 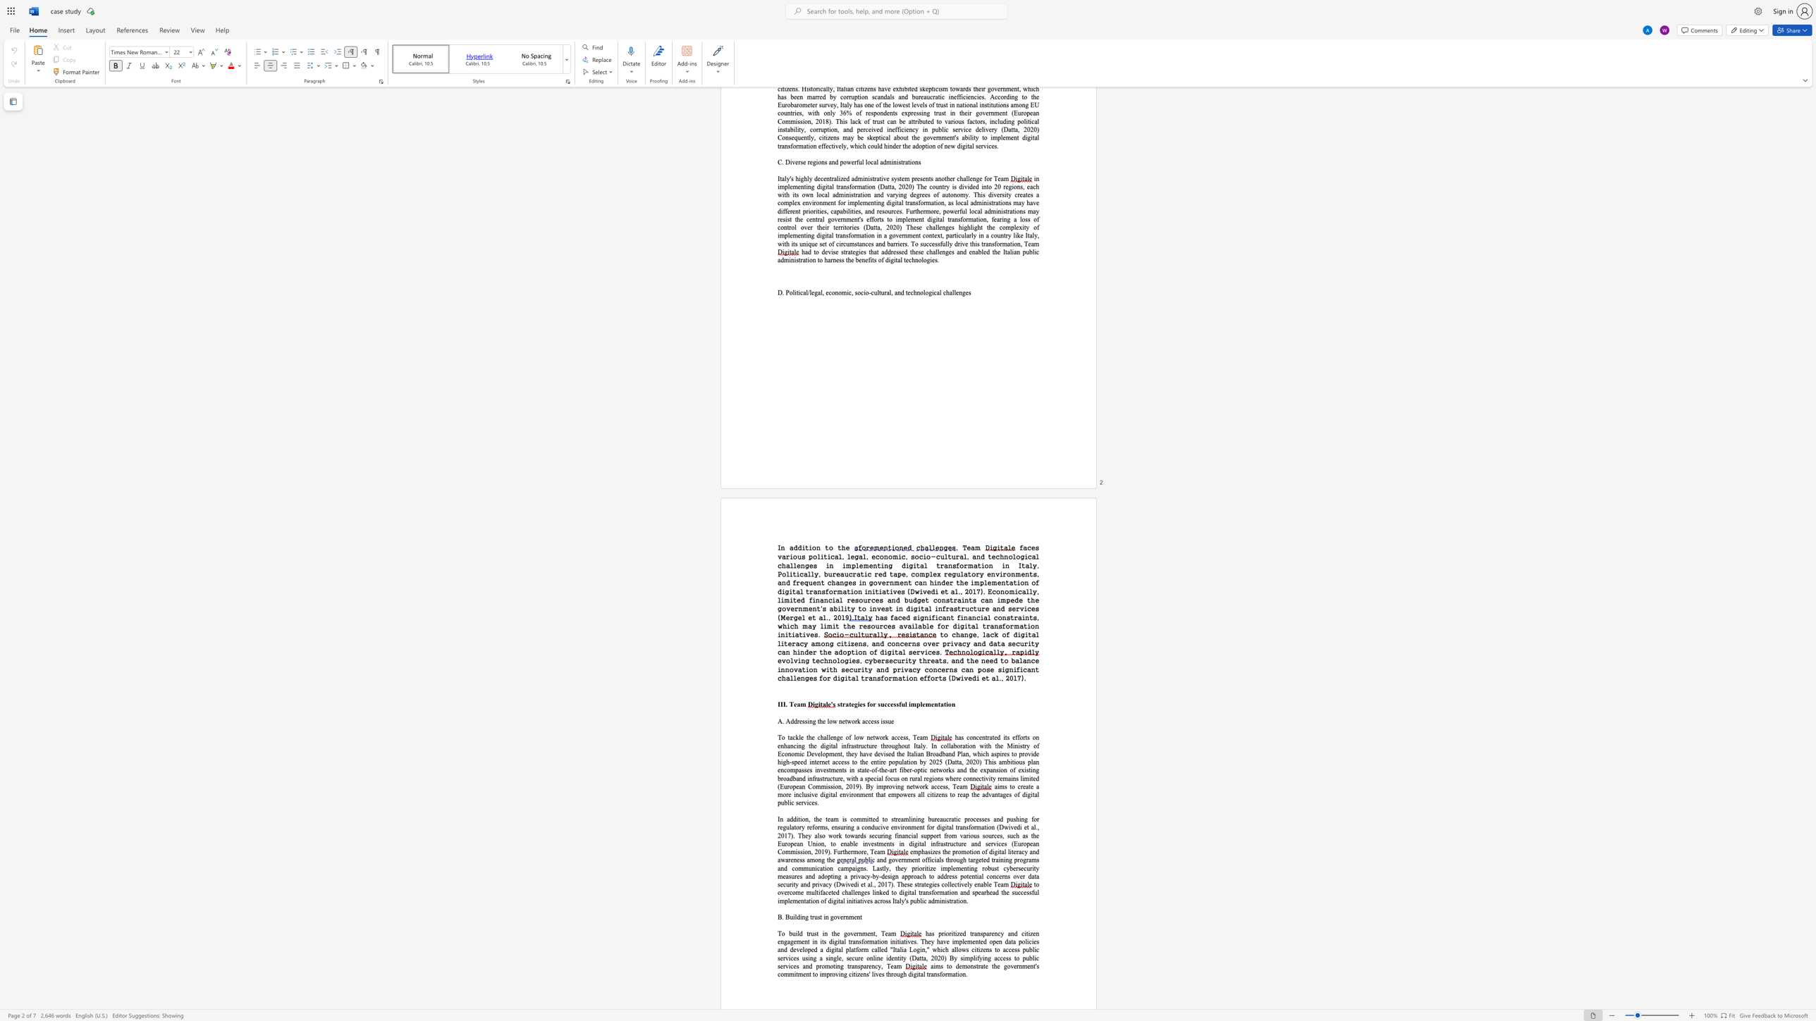 What do you see at coordinates (811, 917) in the screenshot?
I see `the subset text "rust i" within the text "B. Building trust in government"` at bounding box center [811, 917].